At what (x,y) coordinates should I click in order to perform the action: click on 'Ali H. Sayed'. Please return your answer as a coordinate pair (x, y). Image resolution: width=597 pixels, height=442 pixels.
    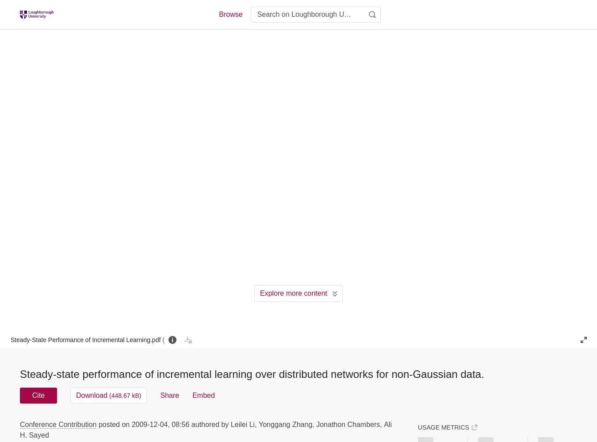
    Looking at the image, I should click on (205, 429).